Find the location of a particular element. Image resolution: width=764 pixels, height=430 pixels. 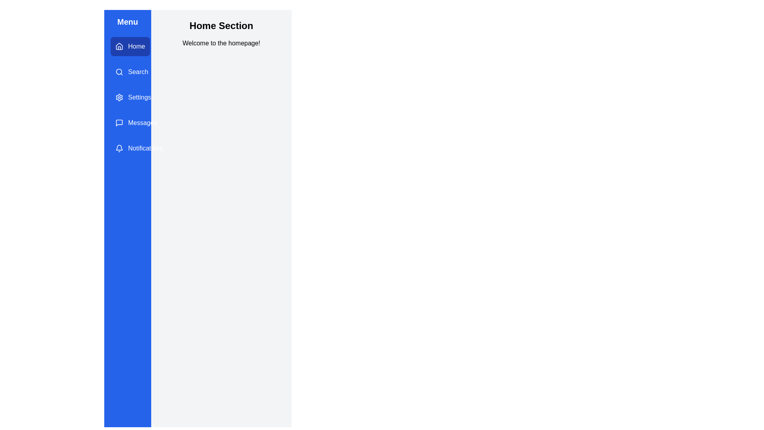

the gear-shaped icon located in the 'Settings' menu is located at coordinates (119, 97).